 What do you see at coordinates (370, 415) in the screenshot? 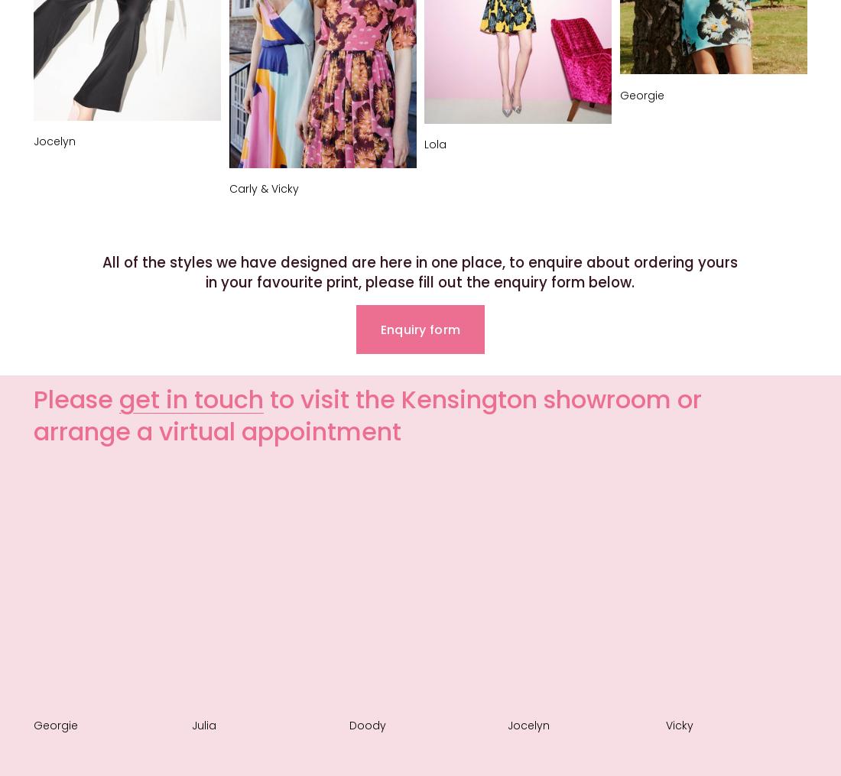
I see `'to visit the Kensington showroom or arrange a virtual appointment'` at bounding box center [370, 415].